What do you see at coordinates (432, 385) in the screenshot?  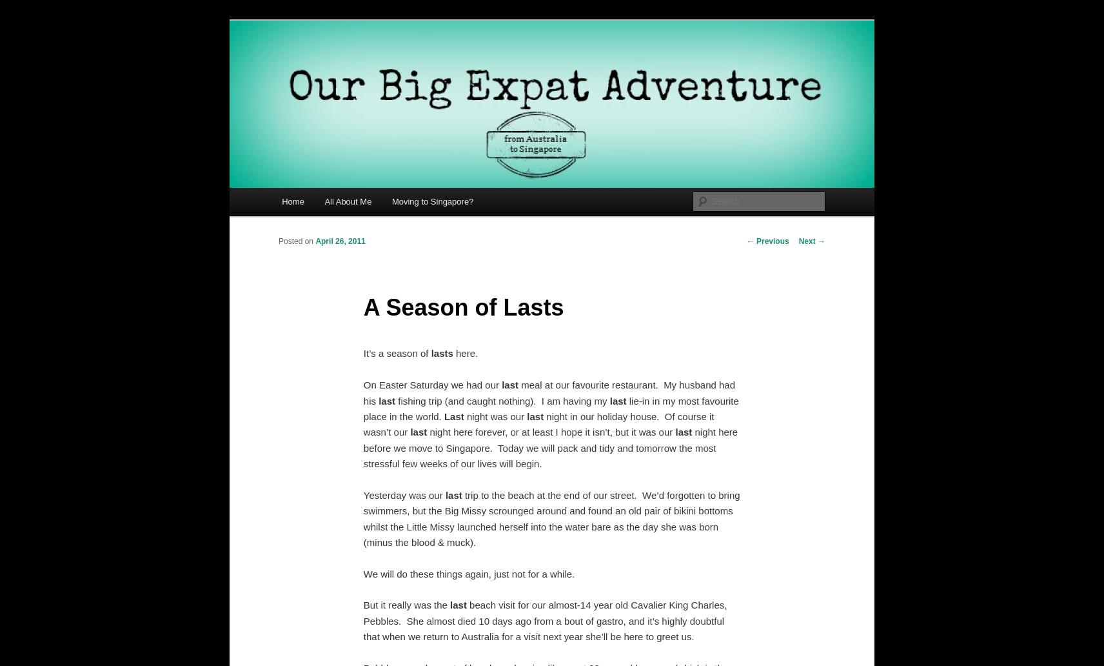 I see `'On Easter Saturday we had our'` at bounding box center [432, 385].